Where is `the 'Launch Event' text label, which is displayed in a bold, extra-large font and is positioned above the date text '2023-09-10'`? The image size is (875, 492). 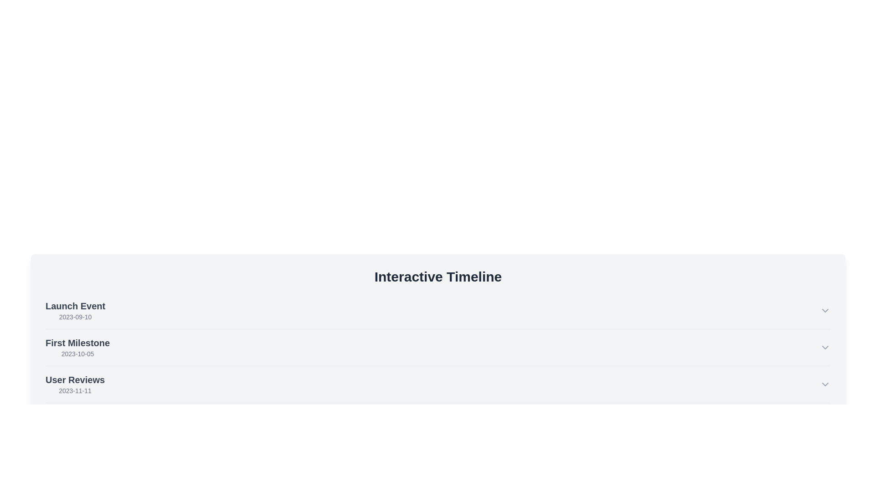 the 'Launch Event' text label, which is displayed in a bold, extra-large font and is positioned above the date text '2023-09-10' is located at coordinates (75, 306).